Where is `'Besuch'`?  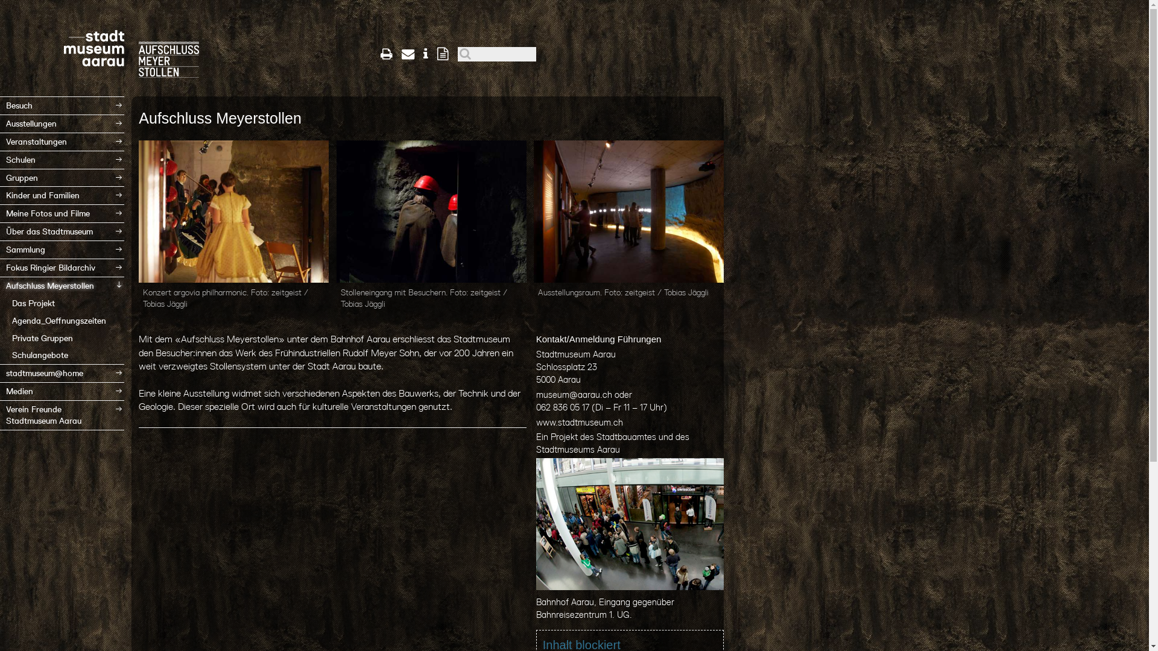 'Besuch' is located at coordinates (61, 105).